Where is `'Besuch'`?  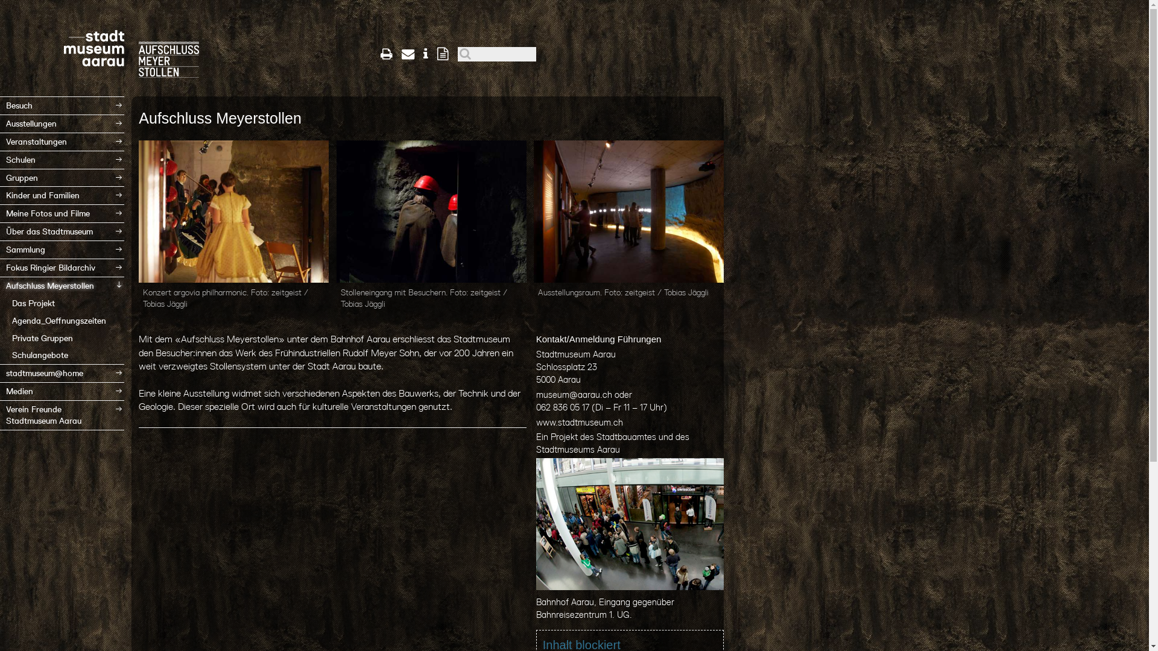 'Besuch' is located at coordinates (61, 105).